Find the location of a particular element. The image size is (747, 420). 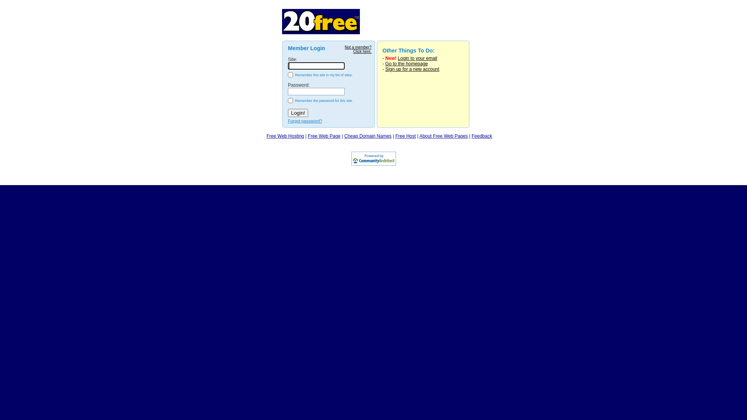

'Feedback' is located at coordinates (481, 136).